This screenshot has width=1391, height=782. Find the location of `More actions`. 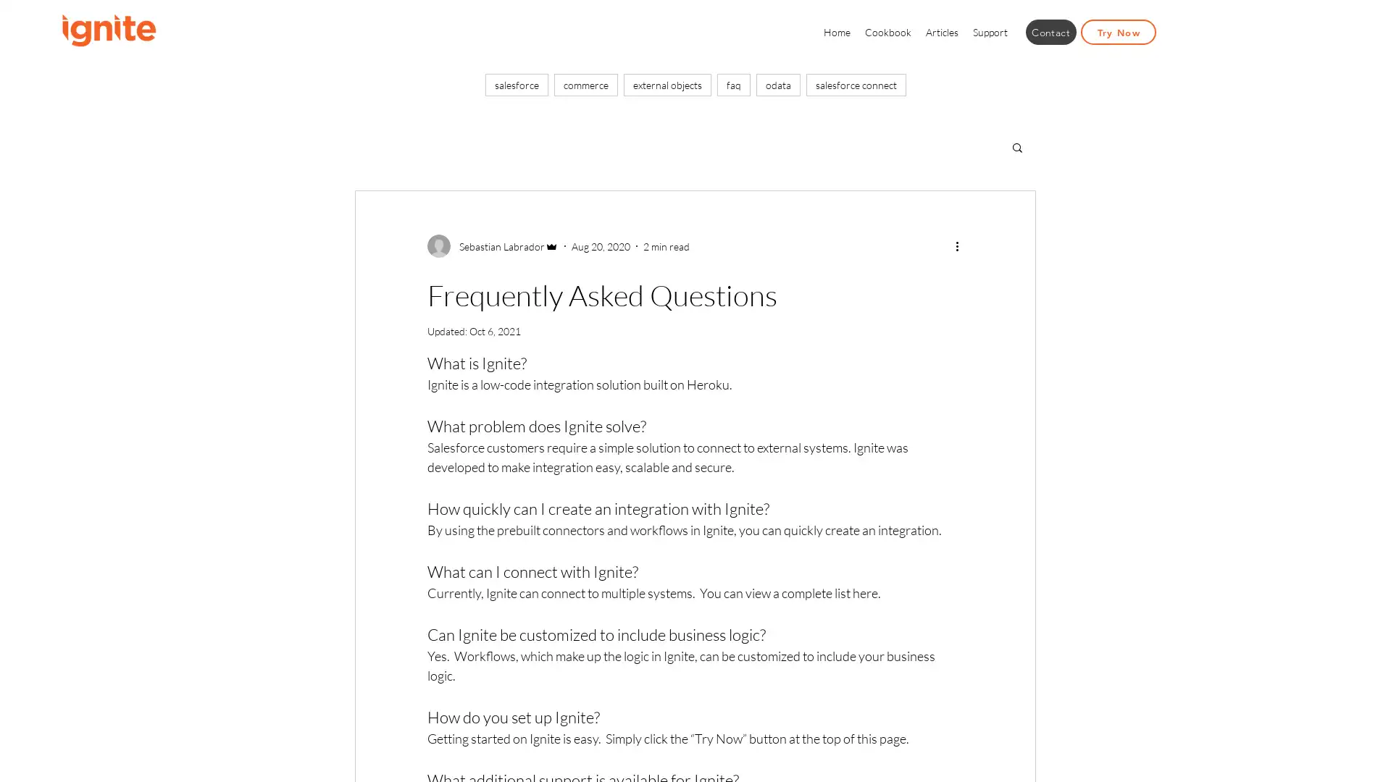

More actions is located at coordinates (961, 245).